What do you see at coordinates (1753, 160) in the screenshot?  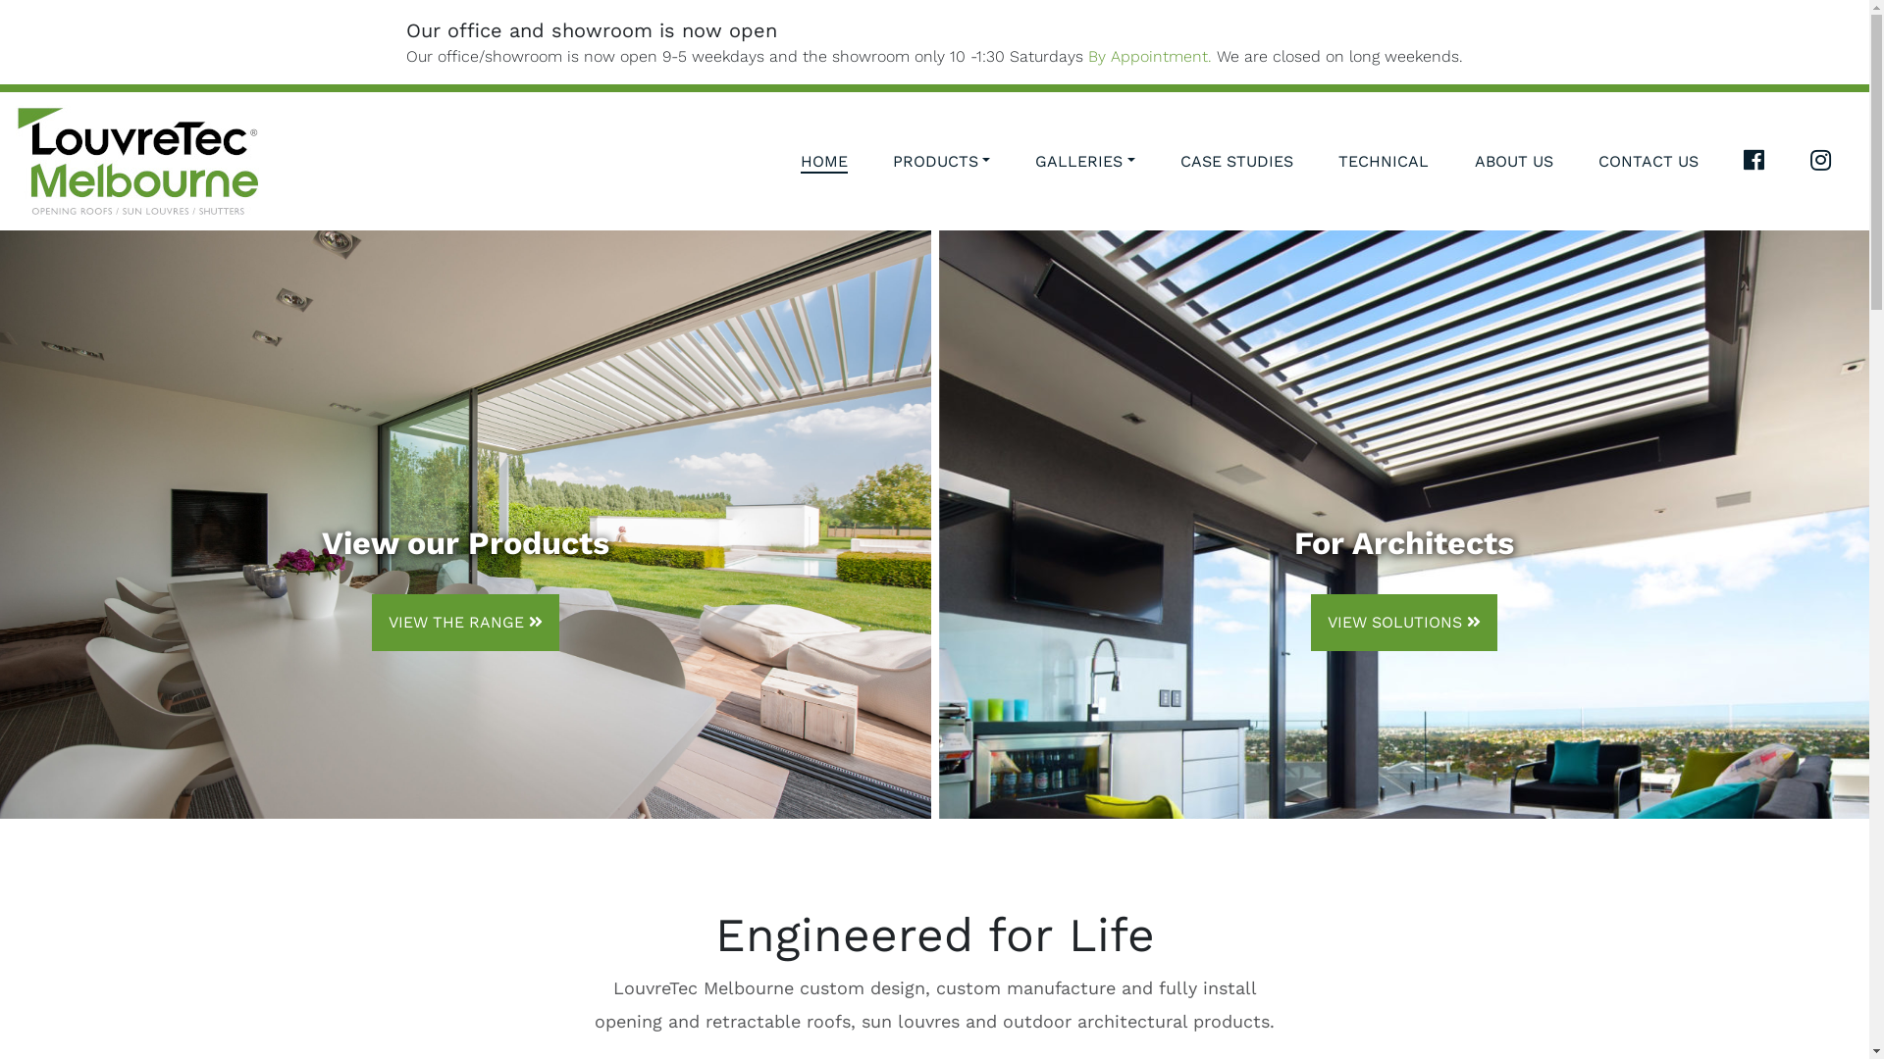 I see `'FACEBOOK LOUVRETEC MELBOURNE'` at bounding box center [1753, 160].